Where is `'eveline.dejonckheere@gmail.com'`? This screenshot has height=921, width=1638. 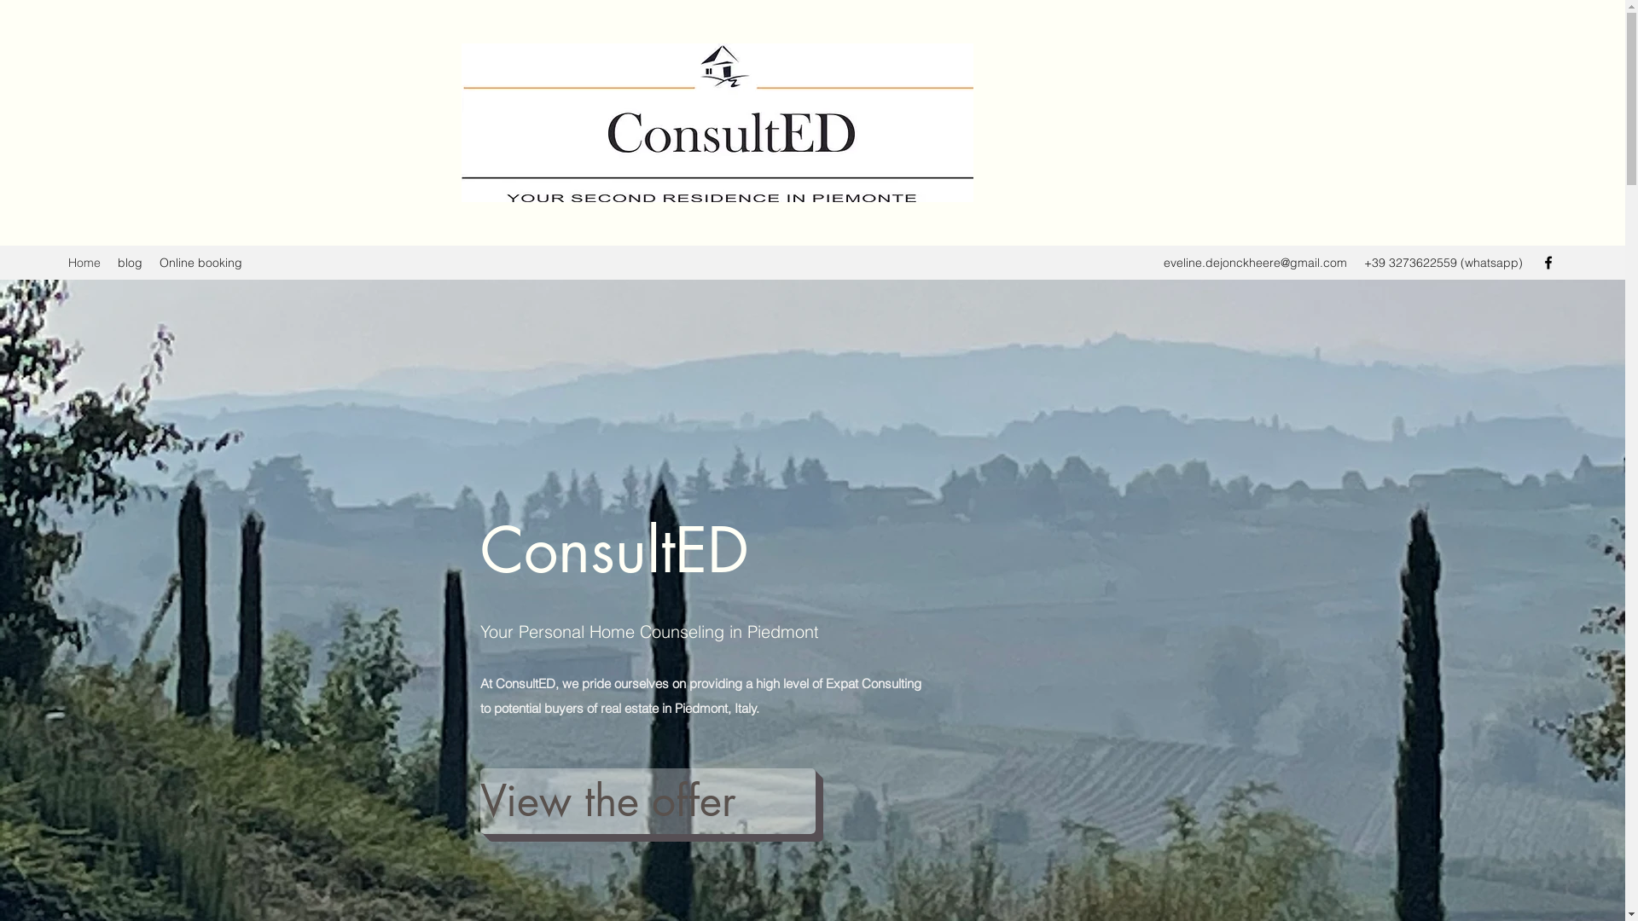 'eveline.dejonckheere@gmail.com' is located at coordinates (1255, 263).